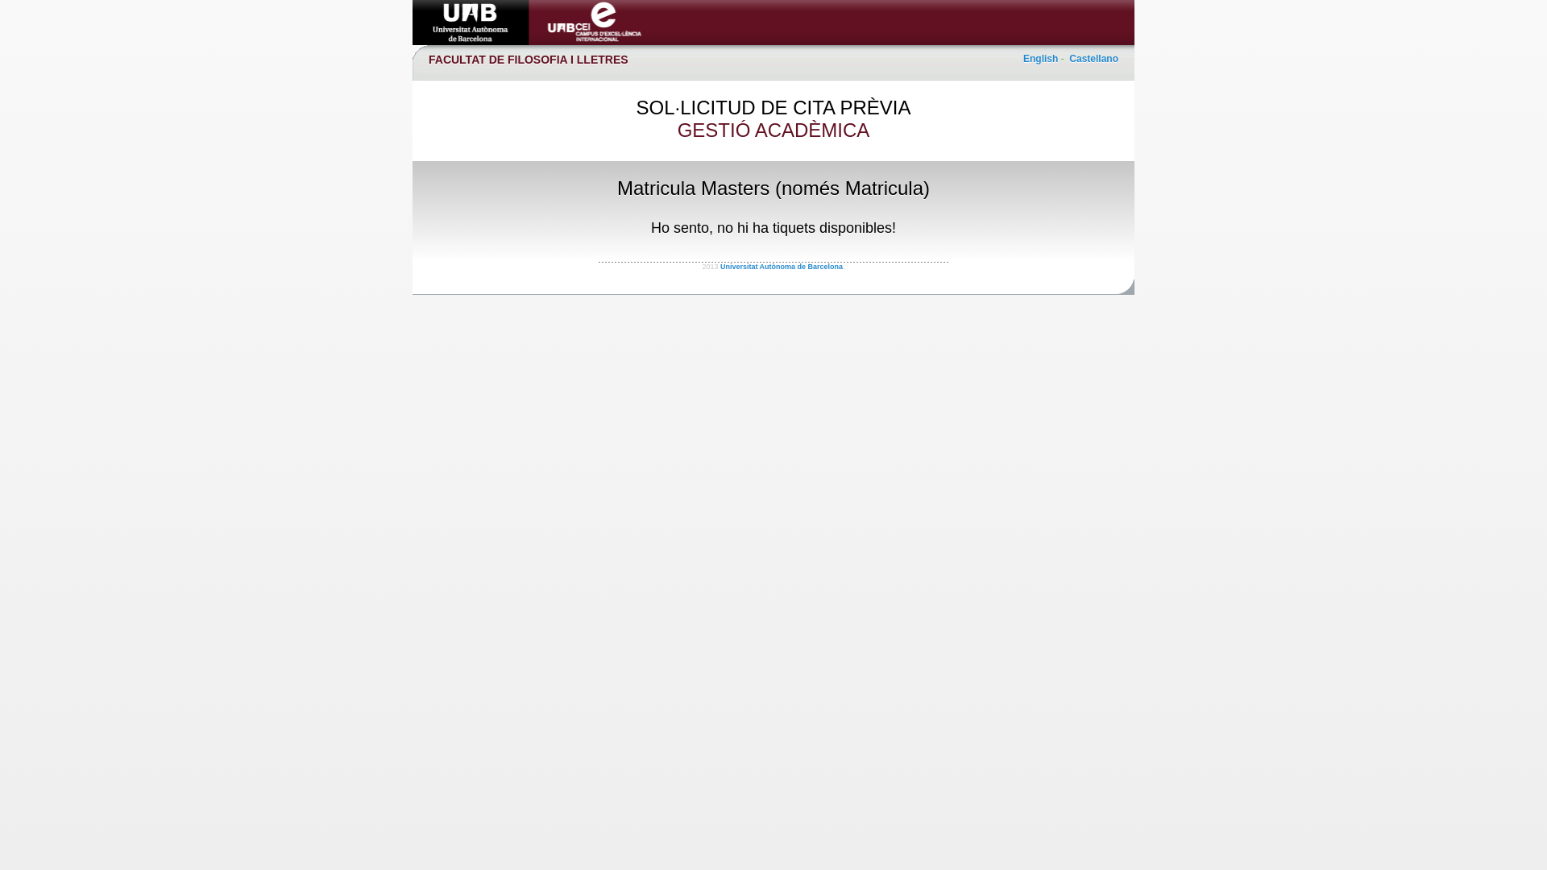 Image resolution: width=1547 pixels, height=870 pixels. Describe the element at coordinates (1022, 58) in the screenshot. I see `'English'` at that location.